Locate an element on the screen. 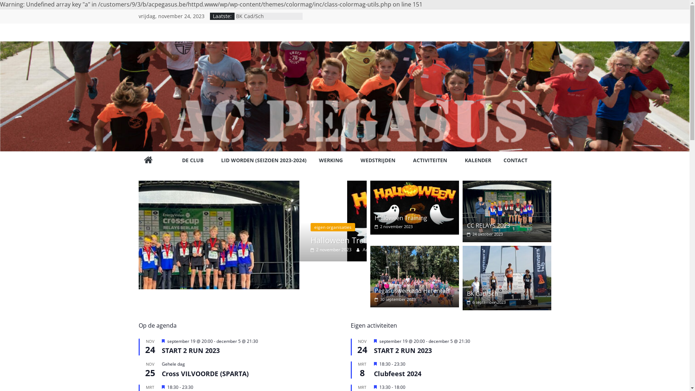  'Pegasusweekend Herentals' is located at coordinates (412, 290).